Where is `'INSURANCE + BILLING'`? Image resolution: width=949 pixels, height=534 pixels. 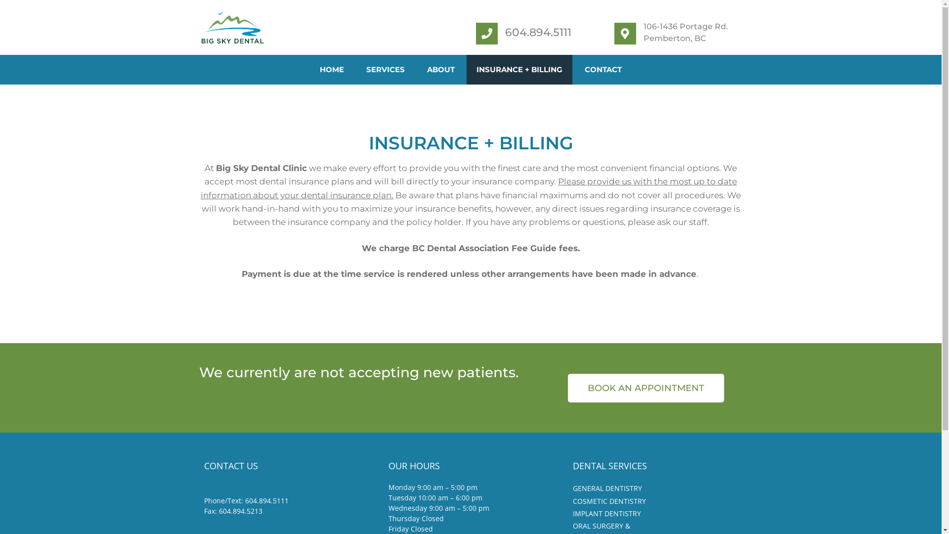
'INSURANCE + BILLING' is located at coordinates (519, 69).